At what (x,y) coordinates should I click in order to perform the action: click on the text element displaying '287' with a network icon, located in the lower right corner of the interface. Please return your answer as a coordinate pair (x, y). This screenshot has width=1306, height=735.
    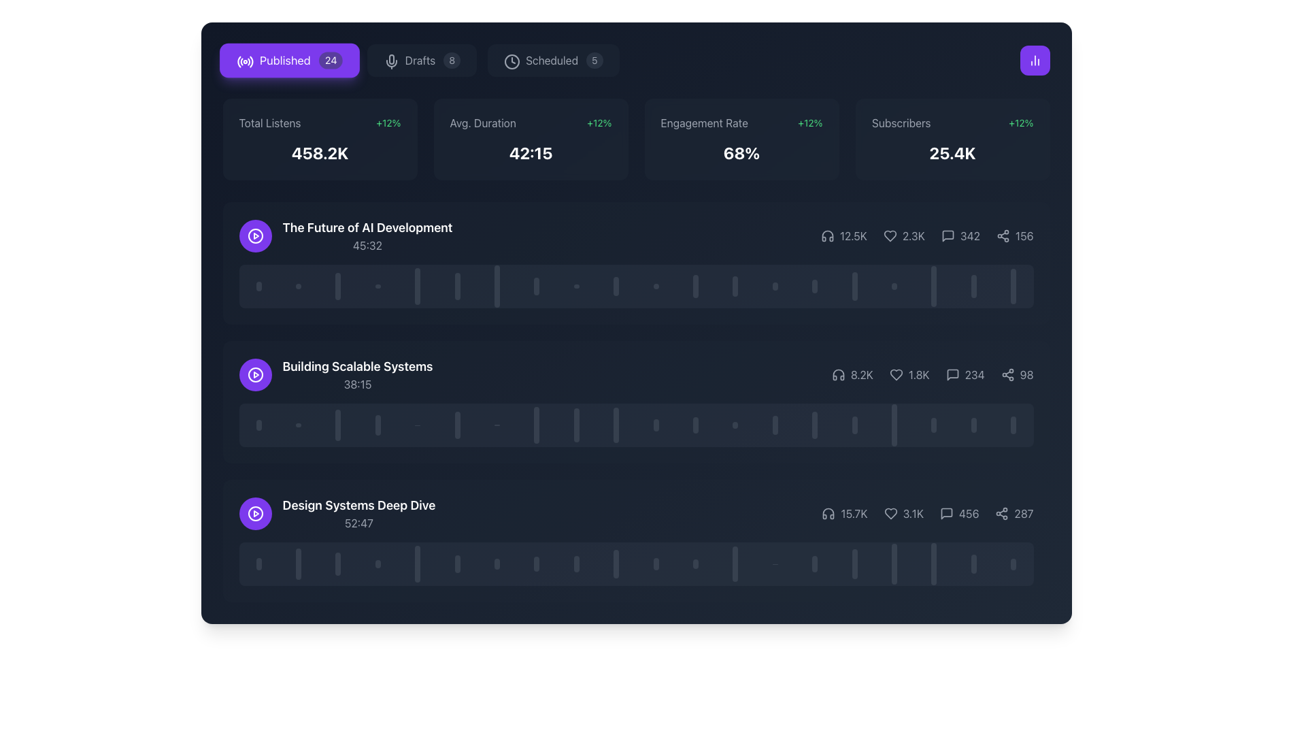
    Looking at the image, I should click on (1014, 514).